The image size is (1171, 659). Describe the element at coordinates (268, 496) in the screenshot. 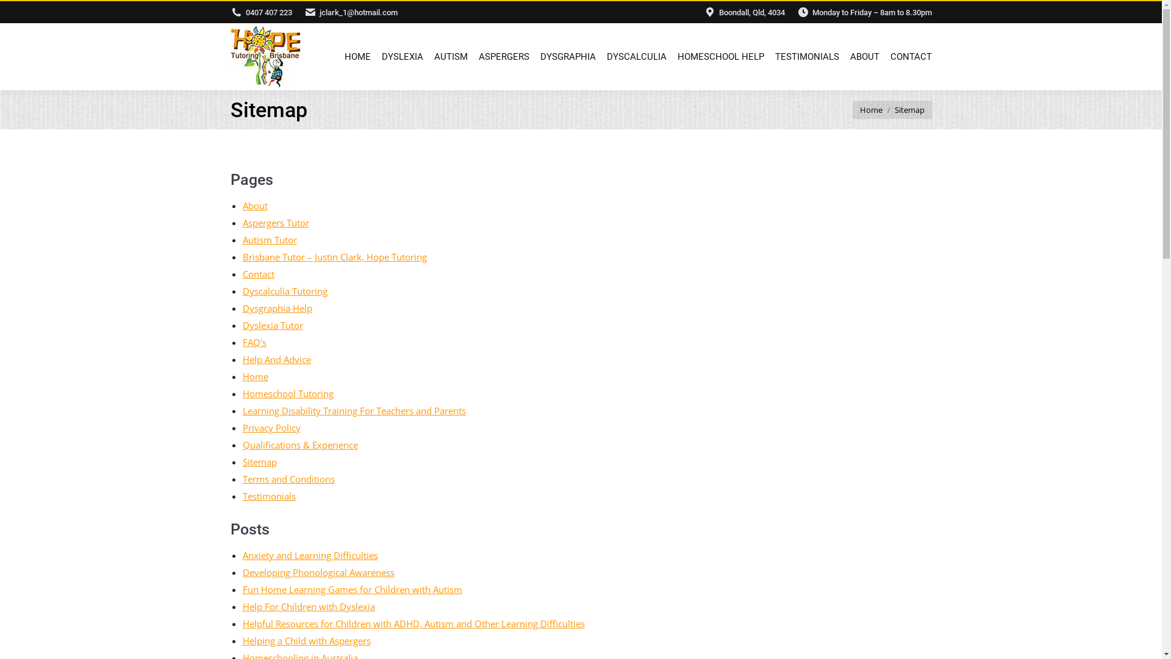

I see `'Testimonials'` at that location.